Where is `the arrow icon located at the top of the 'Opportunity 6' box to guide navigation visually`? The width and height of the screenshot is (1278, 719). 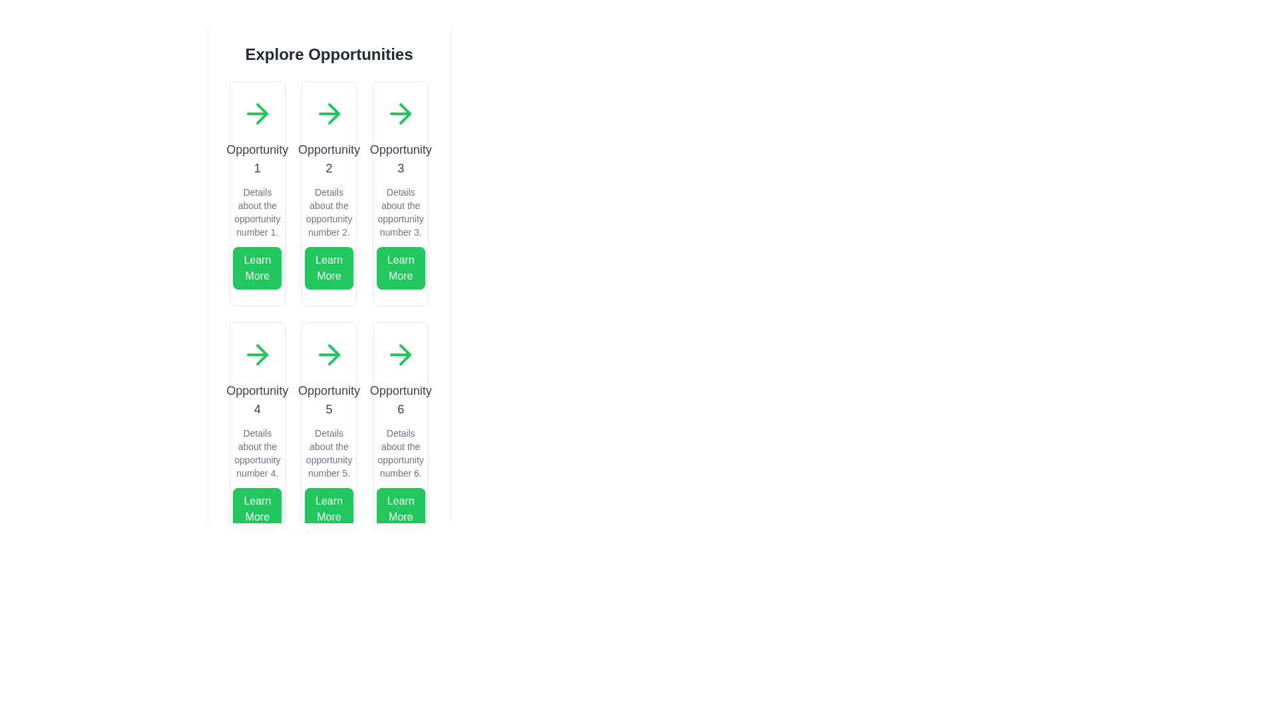
the arrow icon located at the top of the 'Opportunity 6' box to guide navigation visually is located at coordinates (400, 354).